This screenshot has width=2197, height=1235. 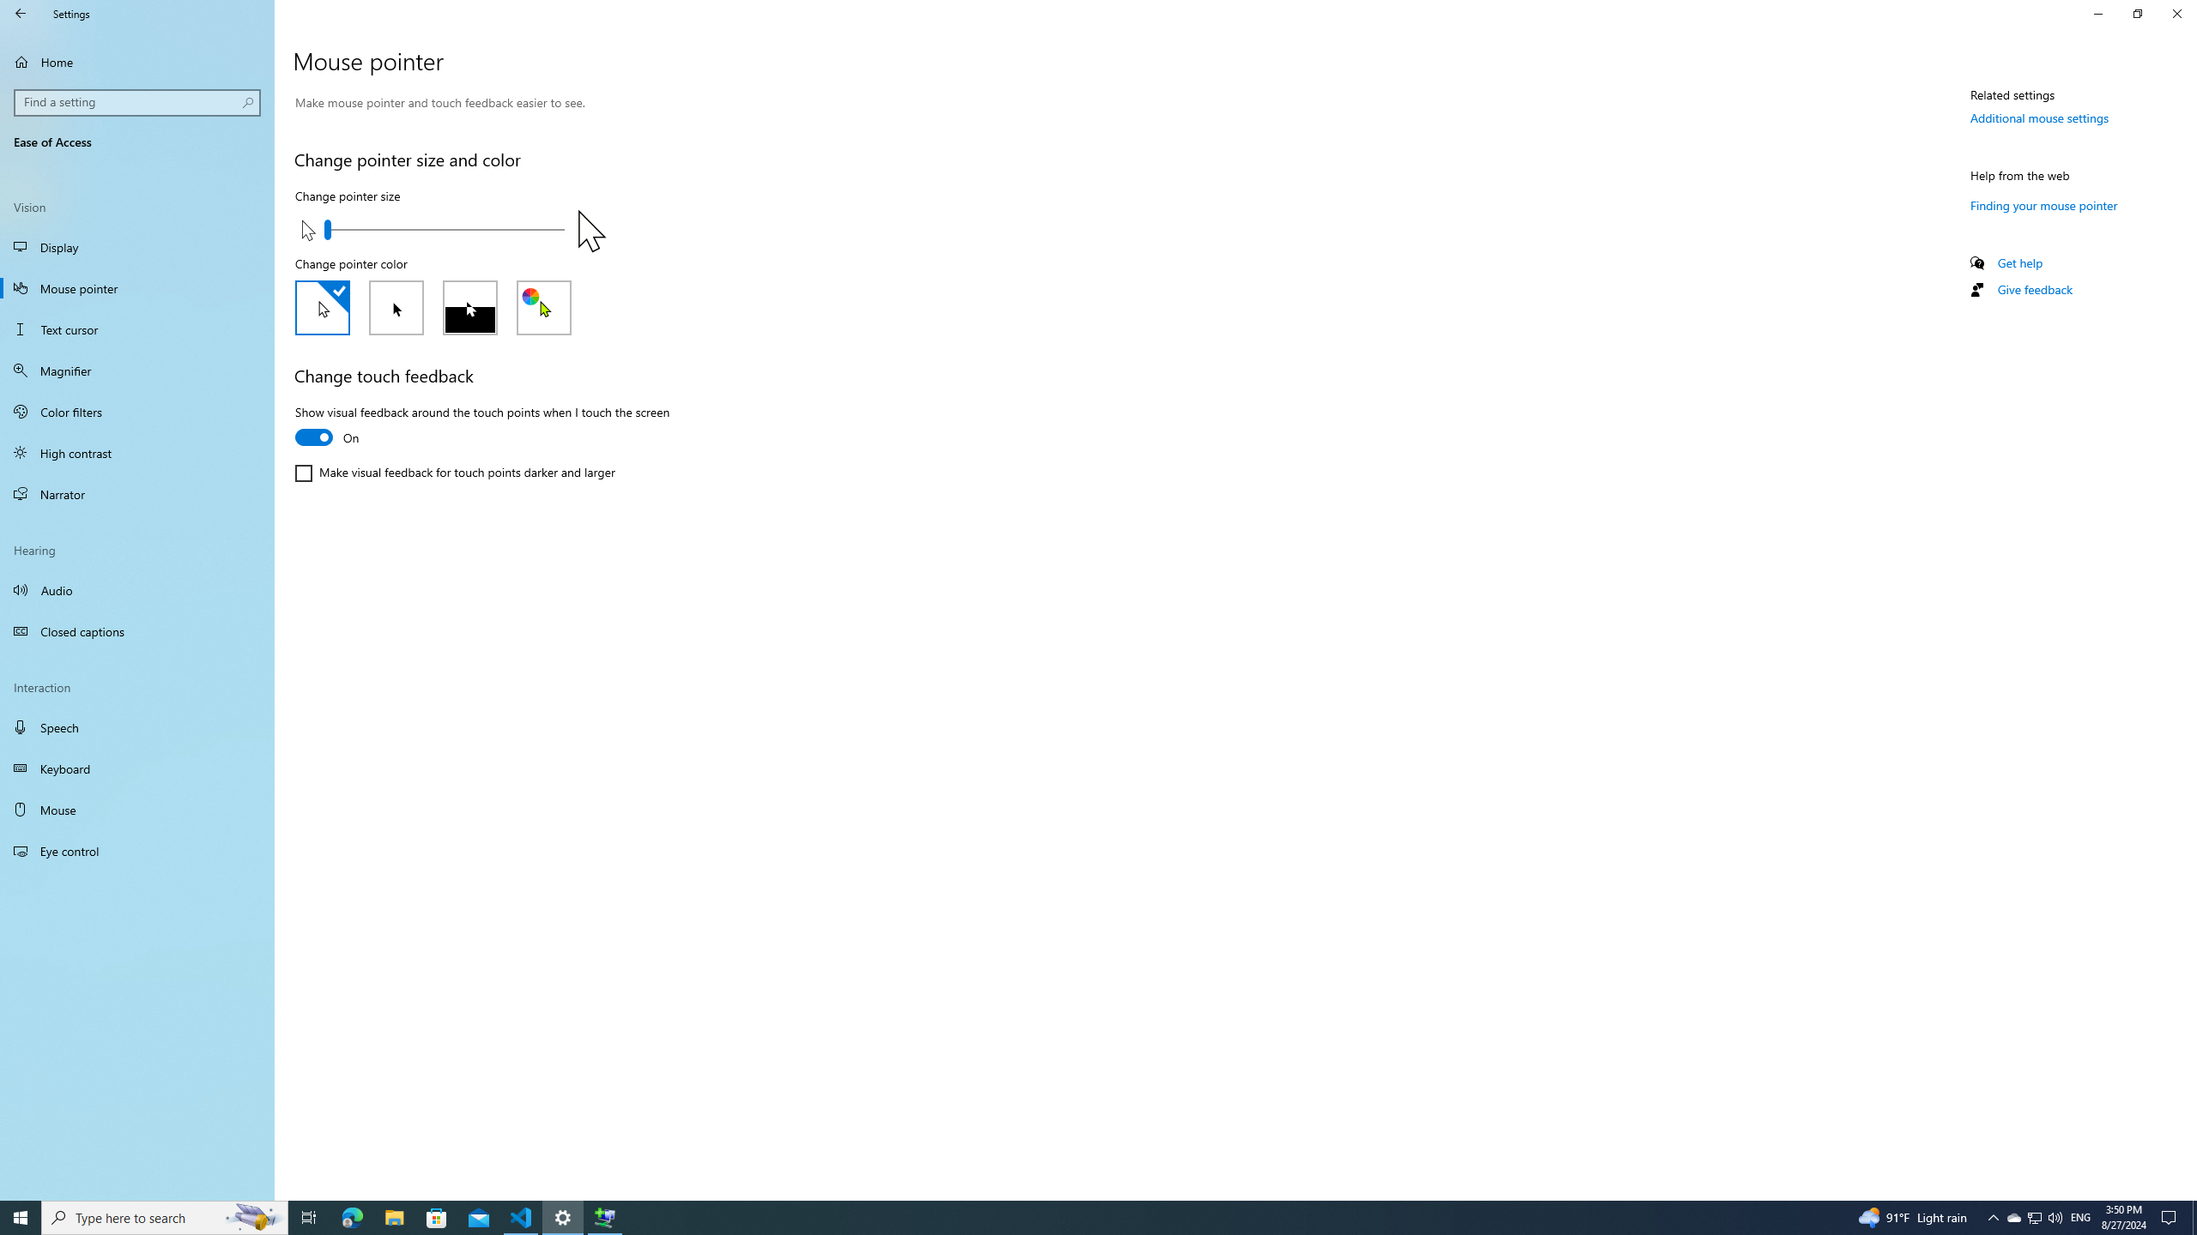 I want to click on 'Home', so click(x=136, y=62).